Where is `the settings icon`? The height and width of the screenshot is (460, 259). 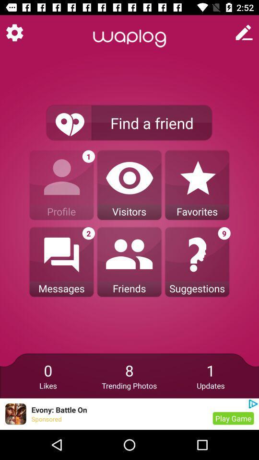 the settings icon is located at coordinates (14, 33).